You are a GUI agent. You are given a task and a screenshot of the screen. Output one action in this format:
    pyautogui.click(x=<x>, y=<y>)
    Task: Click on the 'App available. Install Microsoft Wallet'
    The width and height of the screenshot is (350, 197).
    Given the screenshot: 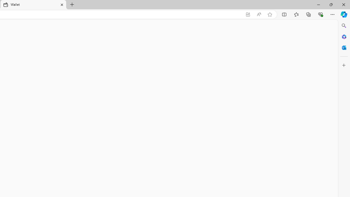 What is the action you would take?
    pyautogui.click(x=247, y=14)
    